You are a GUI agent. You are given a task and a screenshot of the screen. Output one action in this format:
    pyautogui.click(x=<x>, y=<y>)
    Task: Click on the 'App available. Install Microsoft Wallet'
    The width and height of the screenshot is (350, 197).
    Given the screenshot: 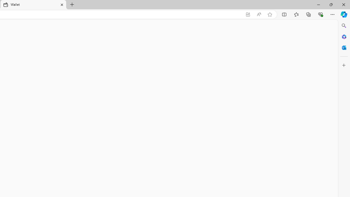 What is the action you would take?
    pyautogui.click(x=247, y=14)
    